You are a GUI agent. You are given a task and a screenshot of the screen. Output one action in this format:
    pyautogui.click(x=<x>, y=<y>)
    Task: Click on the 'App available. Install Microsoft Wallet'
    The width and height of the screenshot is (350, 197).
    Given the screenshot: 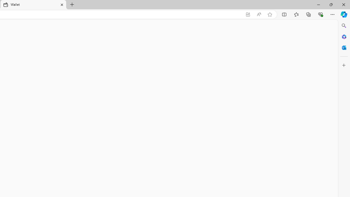 What is the action you would take?
    pyautogui.click(x=247, y=14)
    